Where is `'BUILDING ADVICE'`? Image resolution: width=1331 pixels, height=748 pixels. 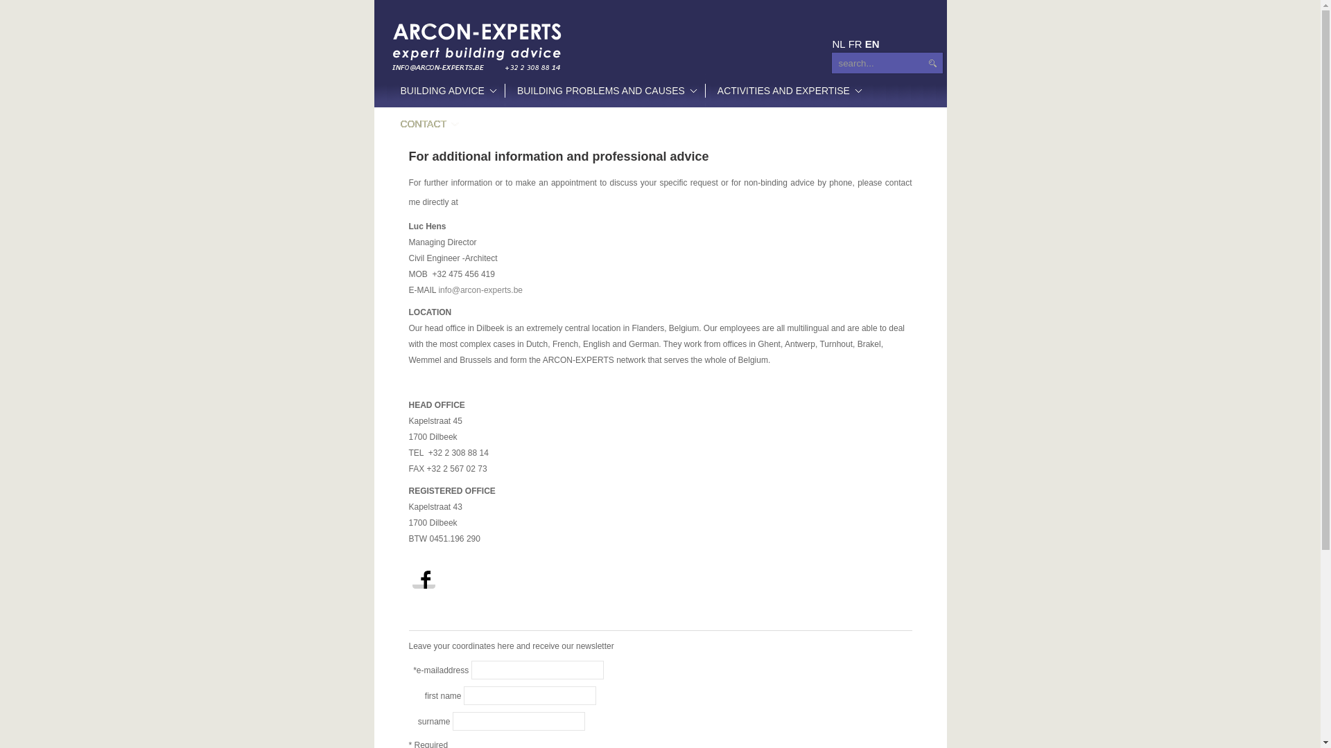 'BUILDING ADVICE' is located at coordinates (446, 91).